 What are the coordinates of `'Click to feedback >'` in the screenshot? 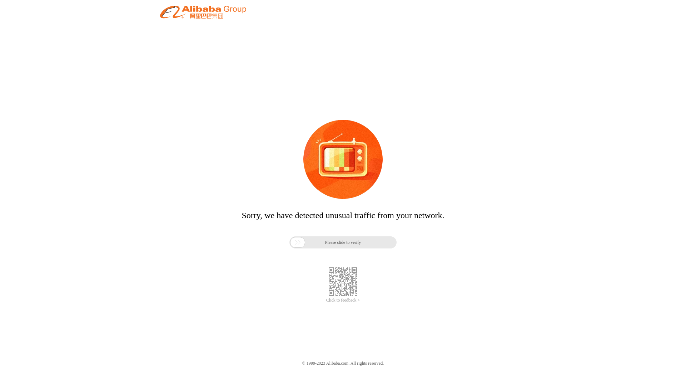 It's located at (343, 300).